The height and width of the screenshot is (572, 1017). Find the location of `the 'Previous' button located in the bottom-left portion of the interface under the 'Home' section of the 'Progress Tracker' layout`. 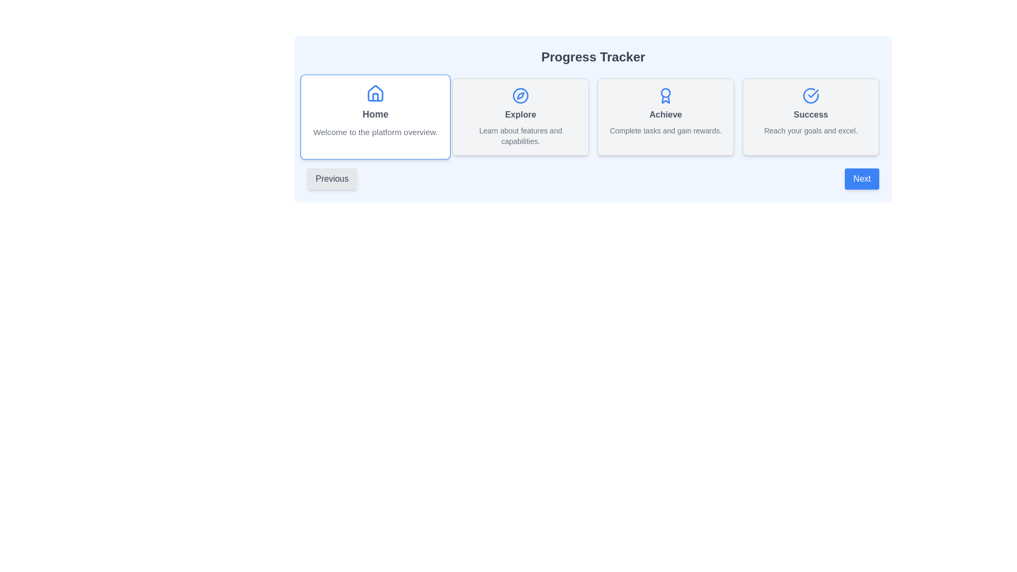

the 'Previous' button located in the bottom-left portion of the interface under the 'Home' section of the 'Progress Tracker' layout is located at coordinates (332, 178).